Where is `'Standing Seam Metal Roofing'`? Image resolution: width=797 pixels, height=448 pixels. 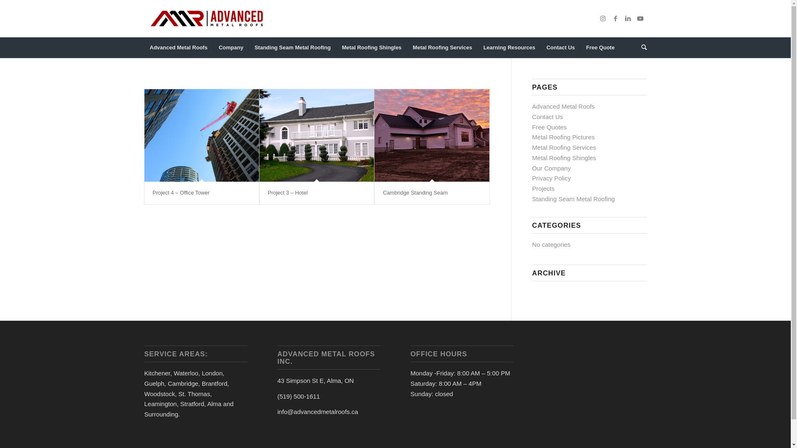 'Standing Seam Metal Roofing' is located at coordinates (292, 48).